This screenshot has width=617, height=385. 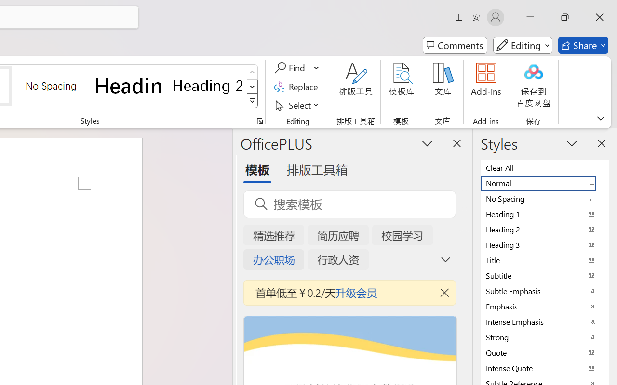 What do you see at coordinates (545, 337) in the screenshot?
I see `'Strong'` at bounding box center [545, 337].